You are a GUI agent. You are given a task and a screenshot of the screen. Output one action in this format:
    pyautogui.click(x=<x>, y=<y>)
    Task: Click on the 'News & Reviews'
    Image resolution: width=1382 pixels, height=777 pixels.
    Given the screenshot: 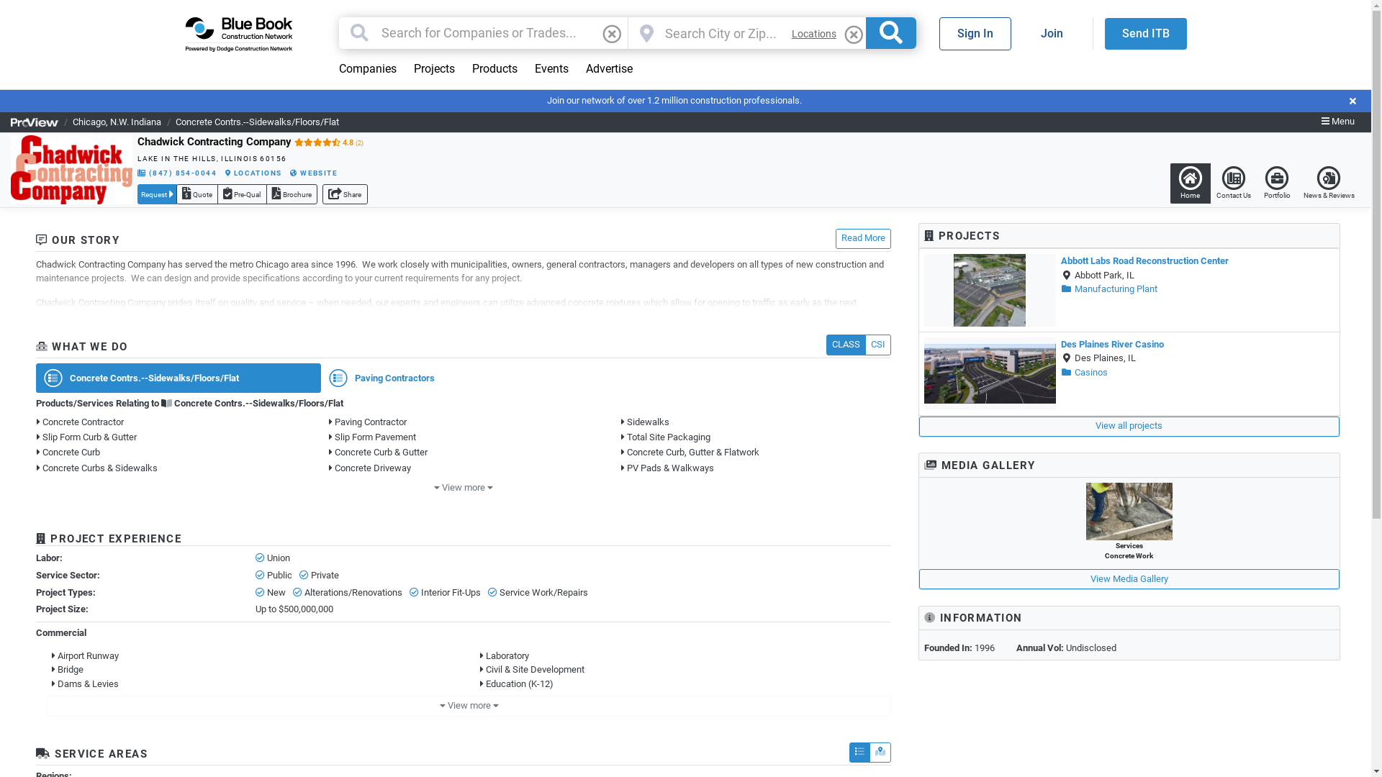 What is the action you would take?
    pyautogui.click(x=1328, y=182)
    